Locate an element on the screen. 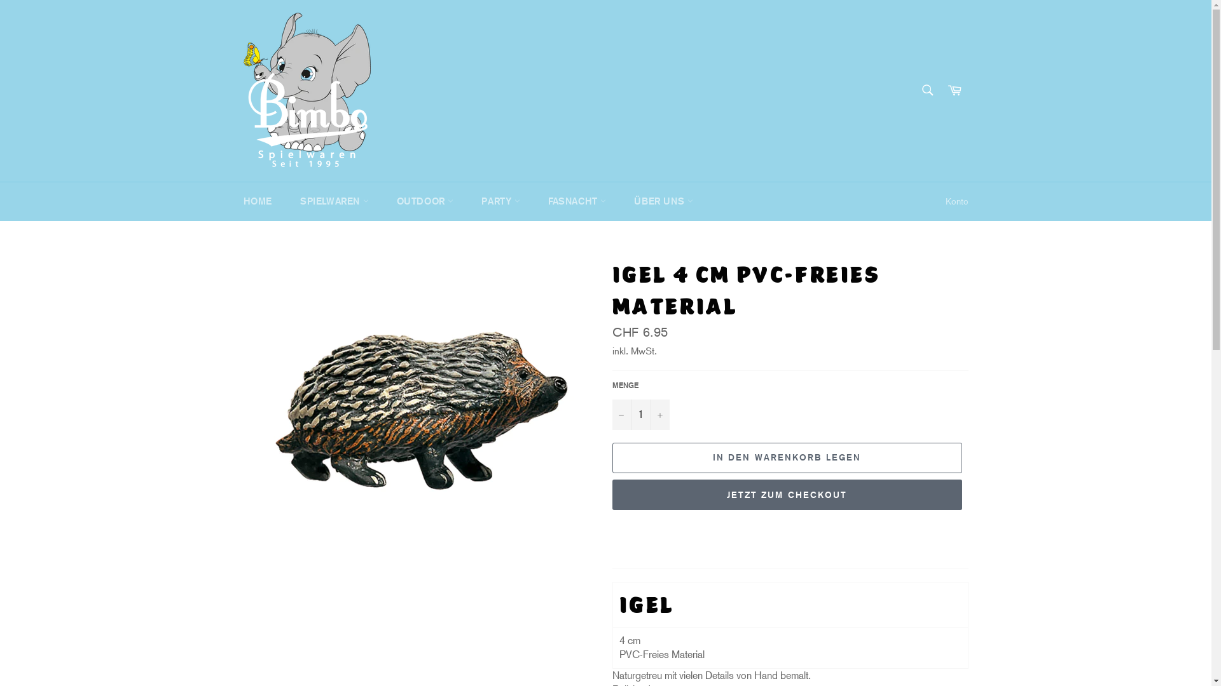 This screenshot has height=686, width=1221. 'JETZT ZUM CHECKOUT' is located at coordinates (786, 494).